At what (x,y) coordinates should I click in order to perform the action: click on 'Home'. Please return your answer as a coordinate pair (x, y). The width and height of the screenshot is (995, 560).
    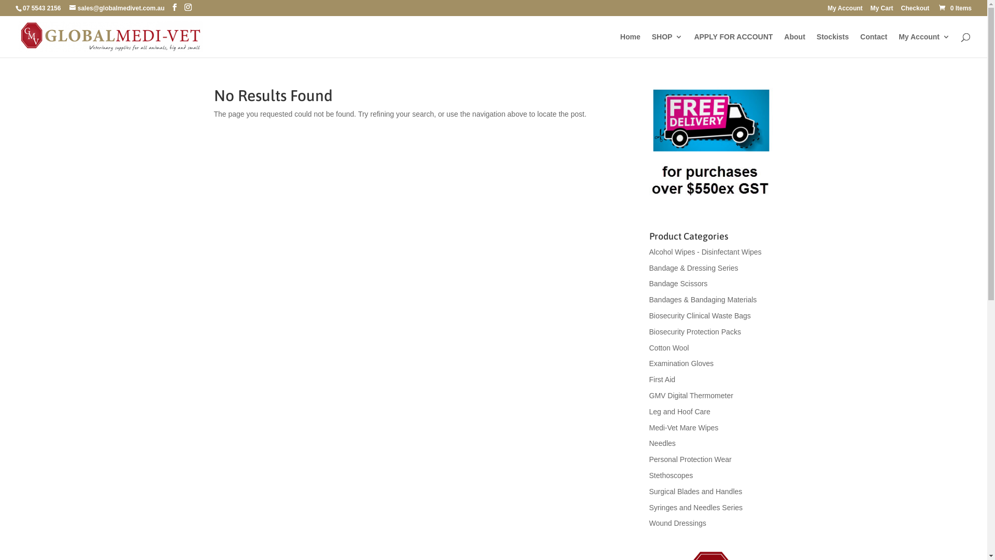
    Looking at the image, I should click on (620, 45).